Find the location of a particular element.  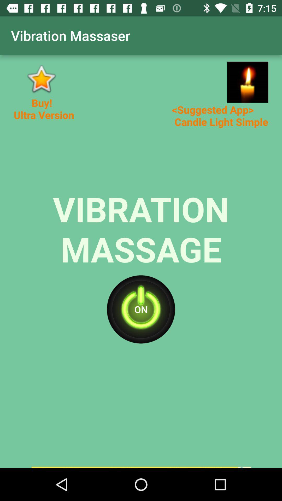

the star icon is located at coordinates (41, 78).